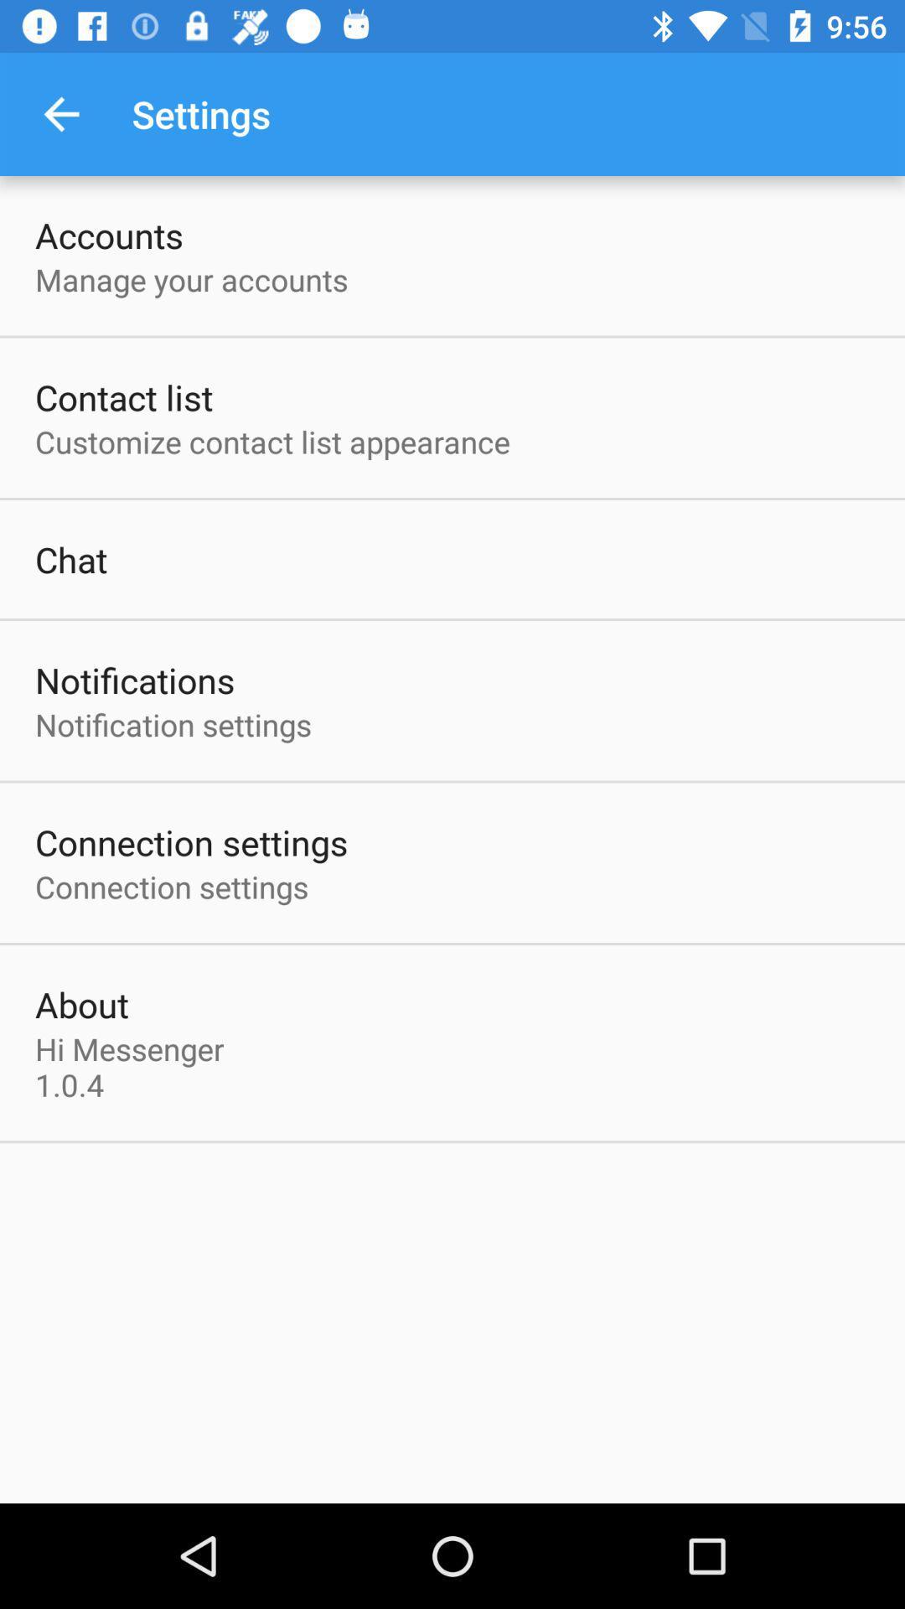  Describe the element at coordinates (70, 559) in the screenshot. I see `the item below the customize contact list icon` at that location.